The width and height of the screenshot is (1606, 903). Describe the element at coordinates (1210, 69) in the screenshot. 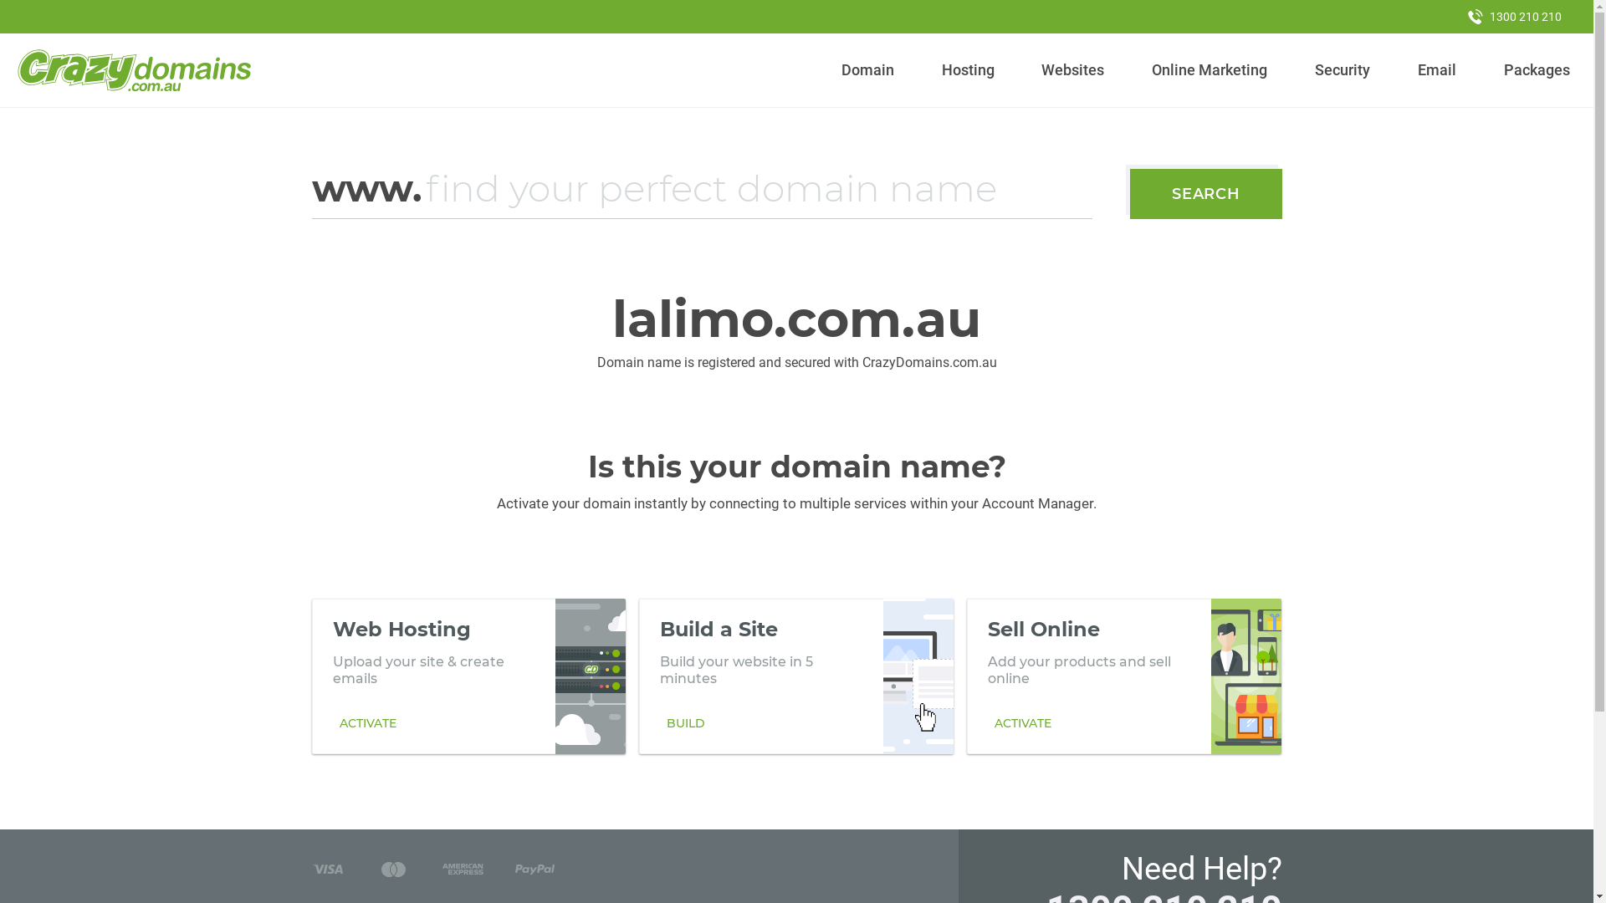

I see `'Online Marketing'` at that location.